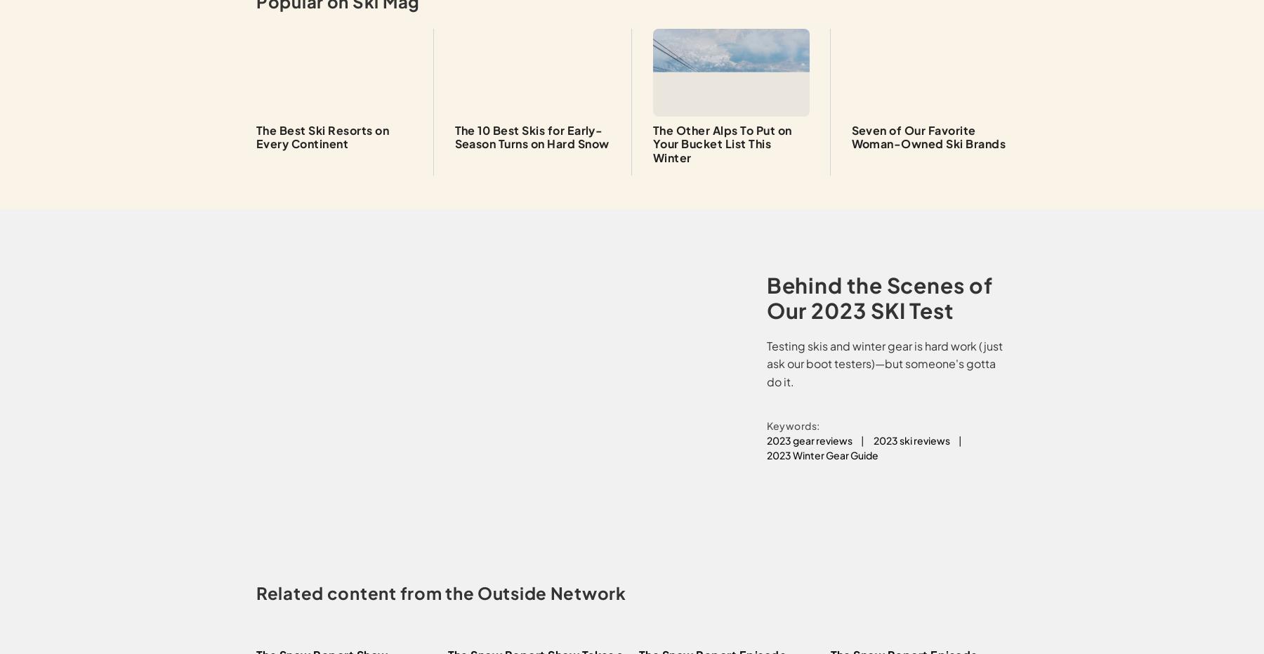  I want to click on 'Seven of Our Favorite Woman-Owned Ski Brands', so click(928, 136).